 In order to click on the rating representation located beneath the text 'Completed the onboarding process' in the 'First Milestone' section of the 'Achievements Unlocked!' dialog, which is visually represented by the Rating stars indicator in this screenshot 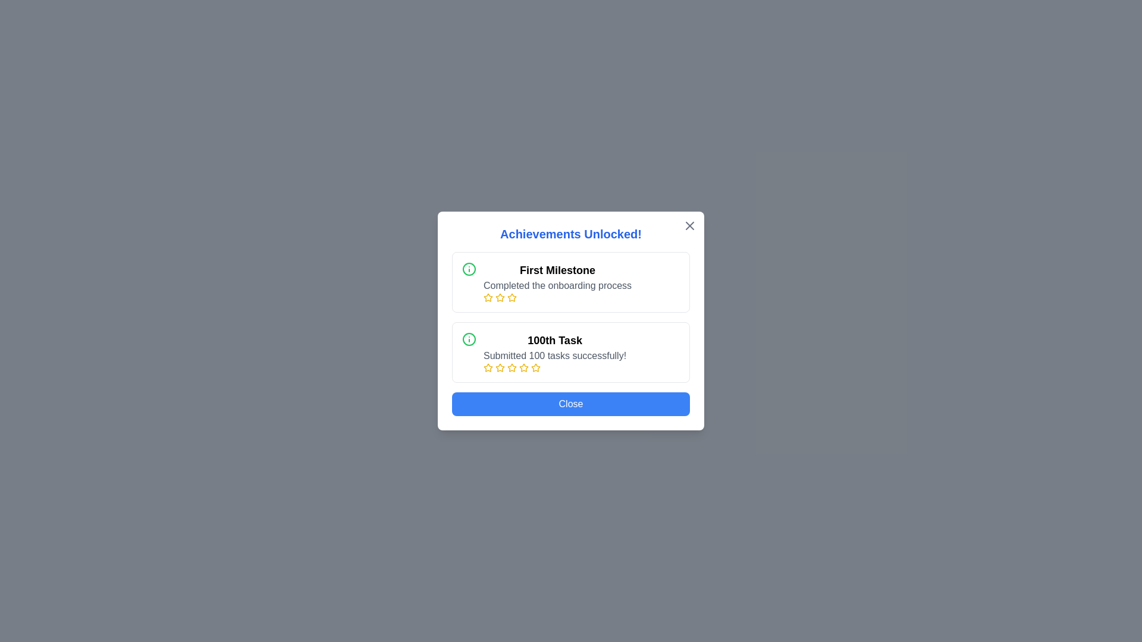, I will do `click(557, 297)`.